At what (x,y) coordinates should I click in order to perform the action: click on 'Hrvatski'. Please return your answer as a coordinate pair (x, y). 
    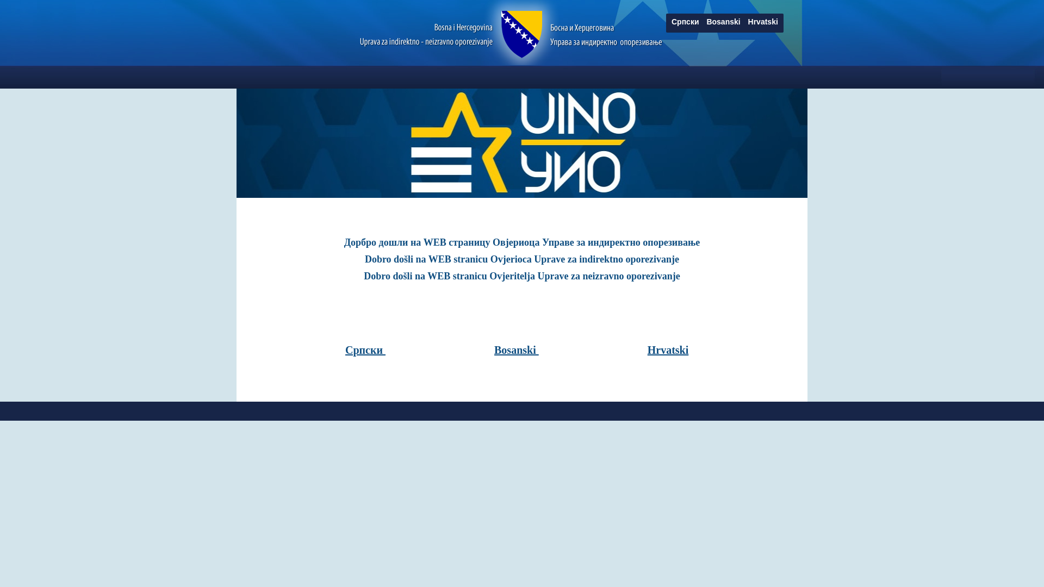
    Looking at the image, I should click on (667, 350).